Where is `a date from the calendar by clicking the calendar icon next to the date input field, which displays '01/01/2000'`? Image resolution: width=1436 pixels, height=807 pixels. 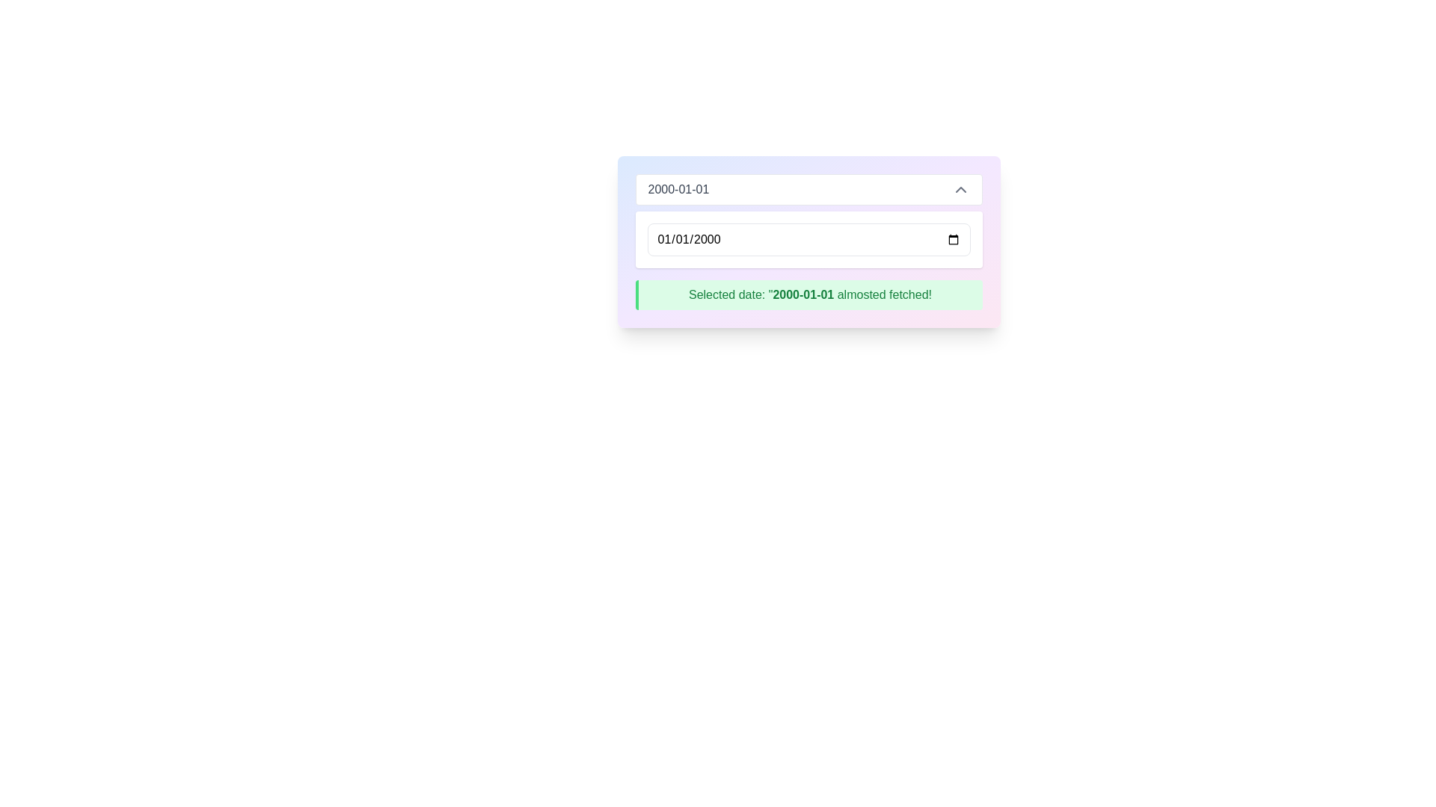
a date from the calendar by clicking the calendar icon next to the date input field, which displays '01/01/2000' is located at coordinates (808, 238).